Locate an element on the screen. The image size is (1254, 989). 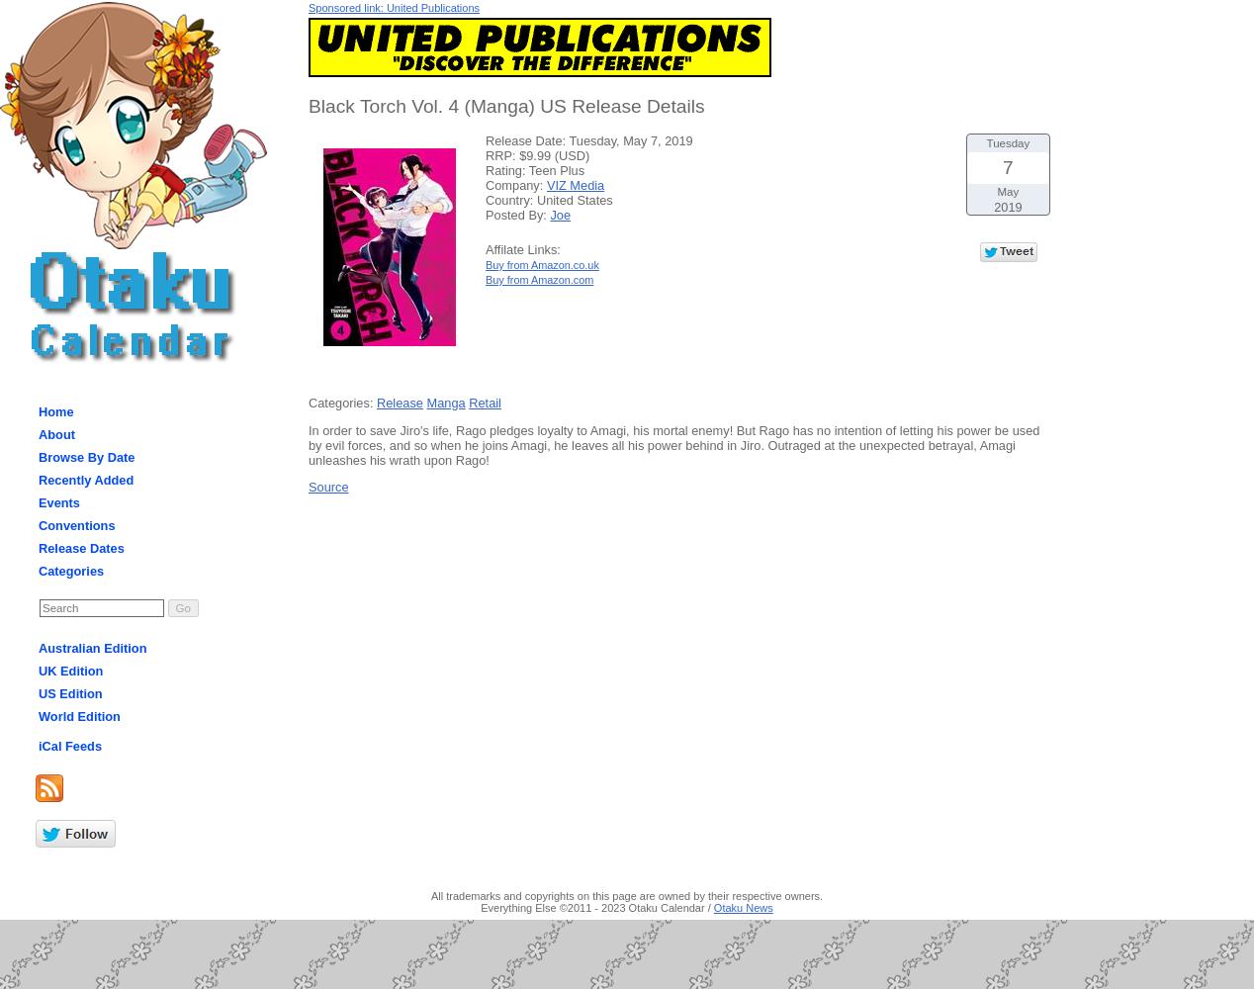
'2019' is located at coordinates (993, 205).